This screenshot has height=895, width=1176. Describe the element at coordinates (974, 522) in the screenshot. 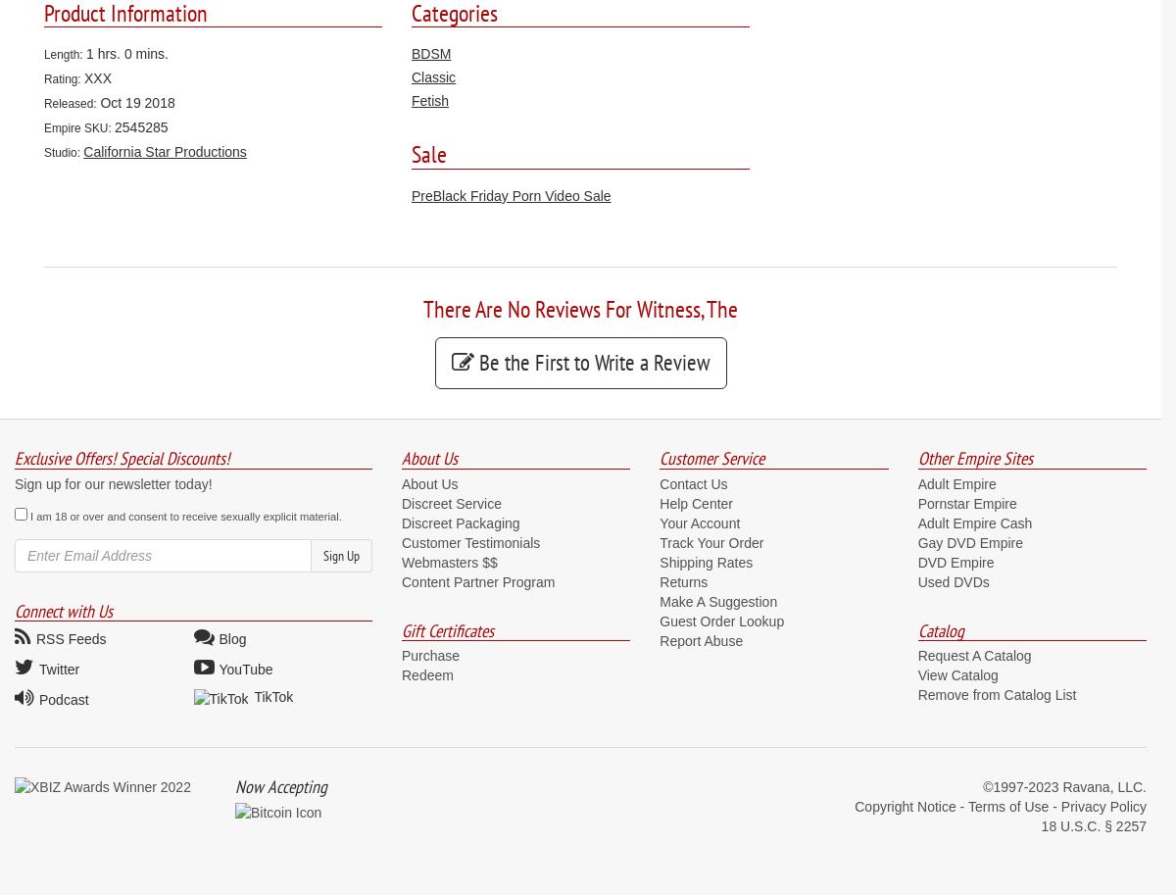

I see `'Adult Empire Cash'` at that location.